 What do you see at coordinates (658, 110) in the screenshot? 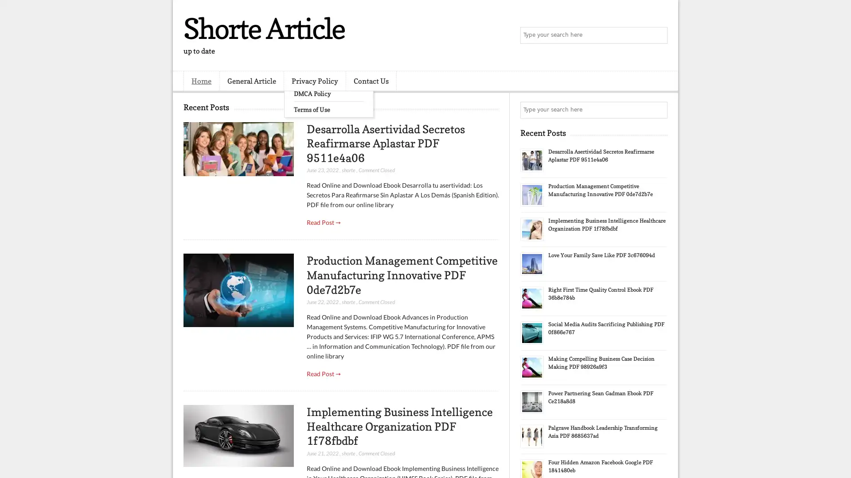
I see `Search` at bounding box center [658, 110].